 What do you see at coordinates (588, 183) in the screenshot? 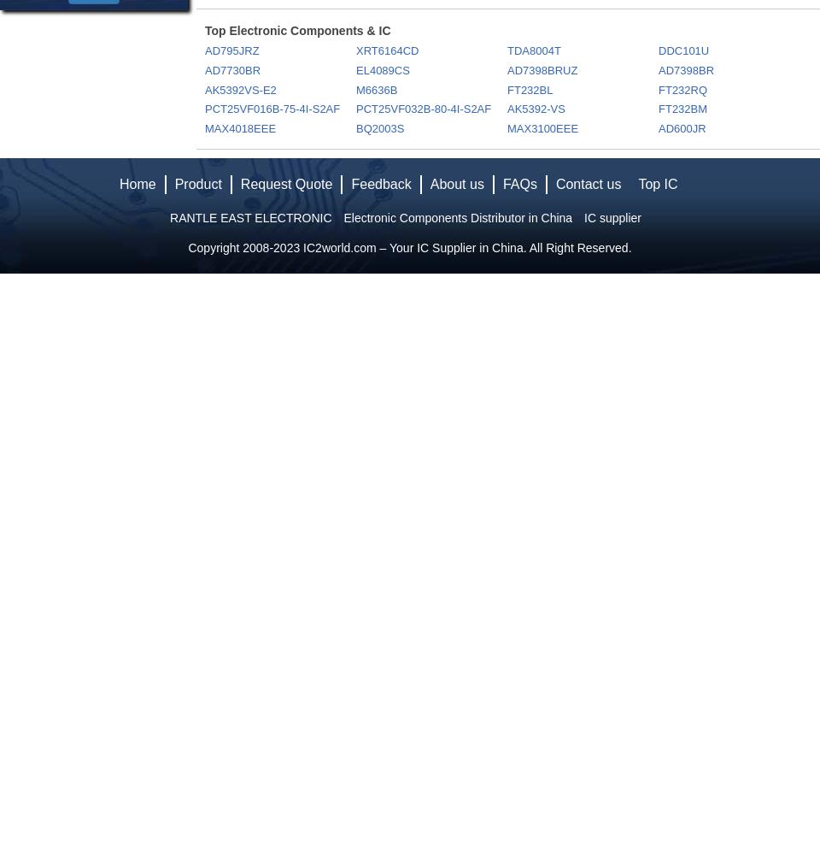
I see `'Contact us'` at bounding box center [588, 183].